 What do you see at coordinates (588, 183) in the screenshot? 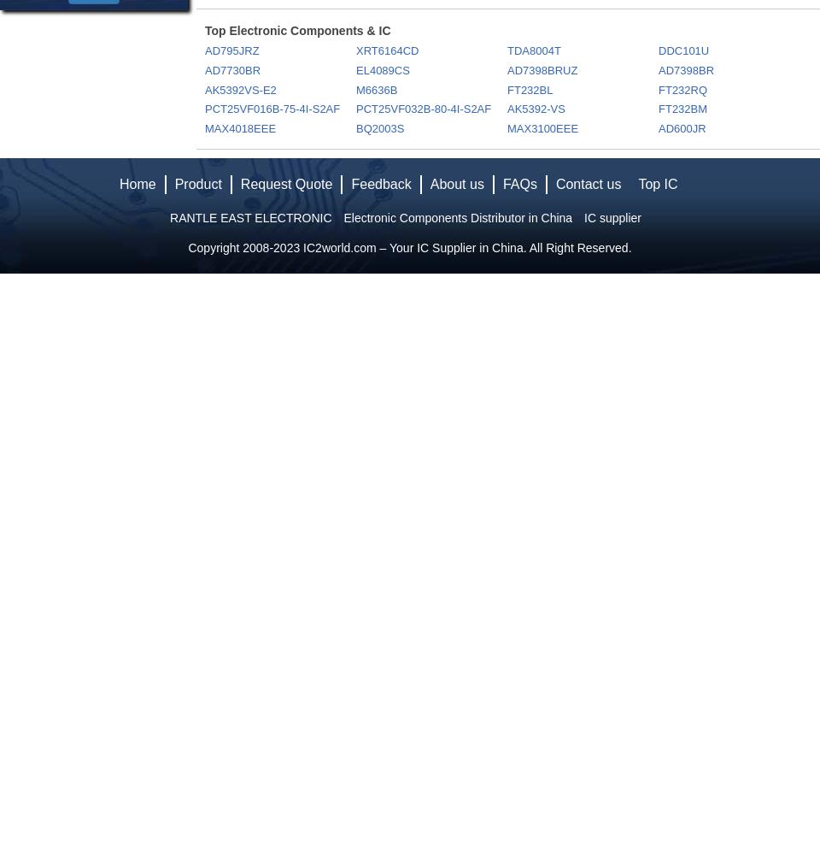
I see `'Contact us'` at bounding box center [588, 183].